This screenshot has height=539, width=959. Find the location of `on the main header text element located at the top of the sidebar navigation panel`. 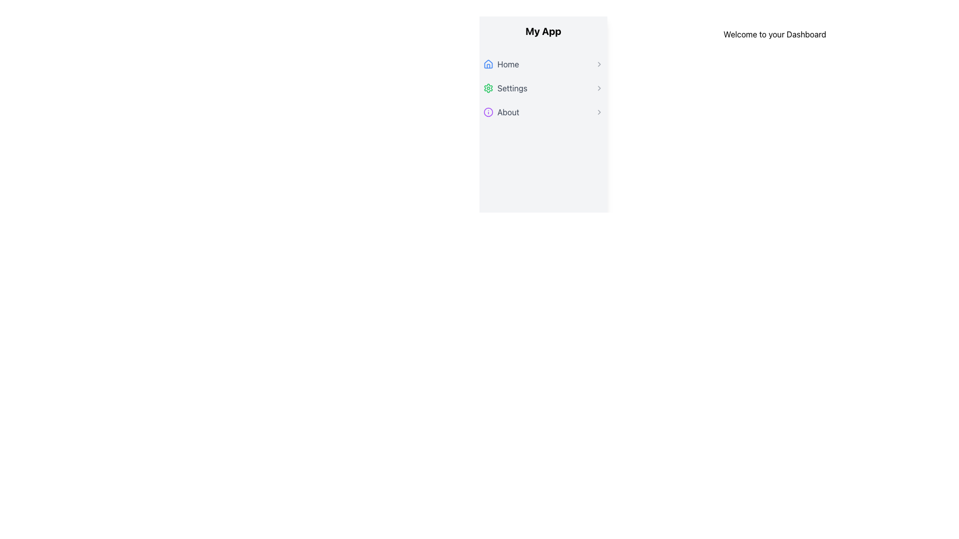

on the main header text element located at the top of the sidebar navigation panel is located at coordinates (543, 30).